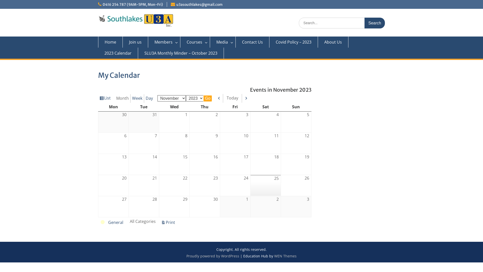 This screenshot has width=483, height=272. What do you see at coordinates (195, 42) in the screenshot?
I see `'Courses'` at bounding box center [195, 42].